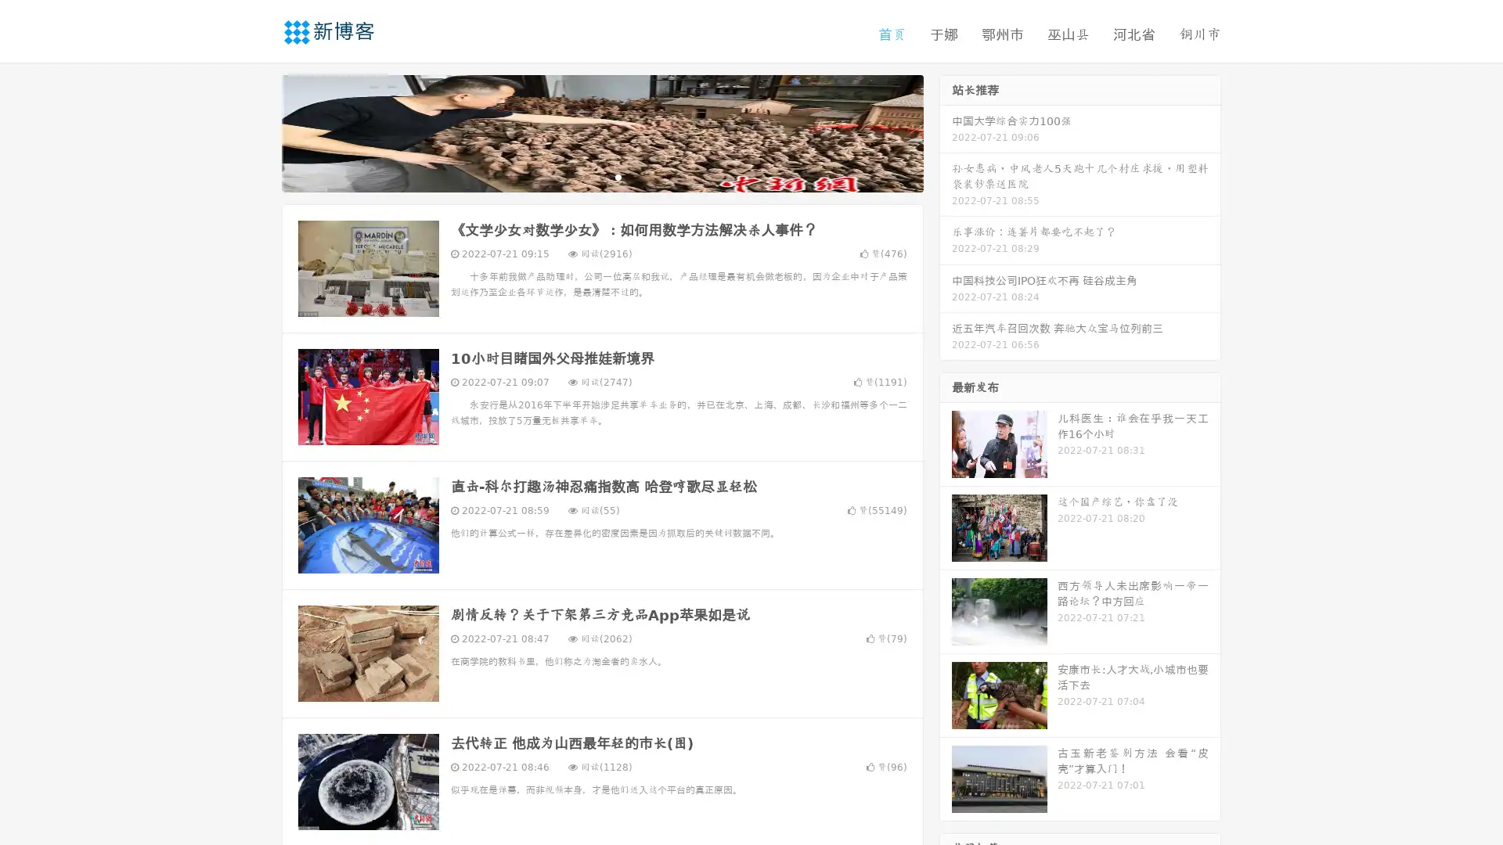  Describe the element at coordinates (258, 131) in the screenshot. I see `Previous slide` at that location.